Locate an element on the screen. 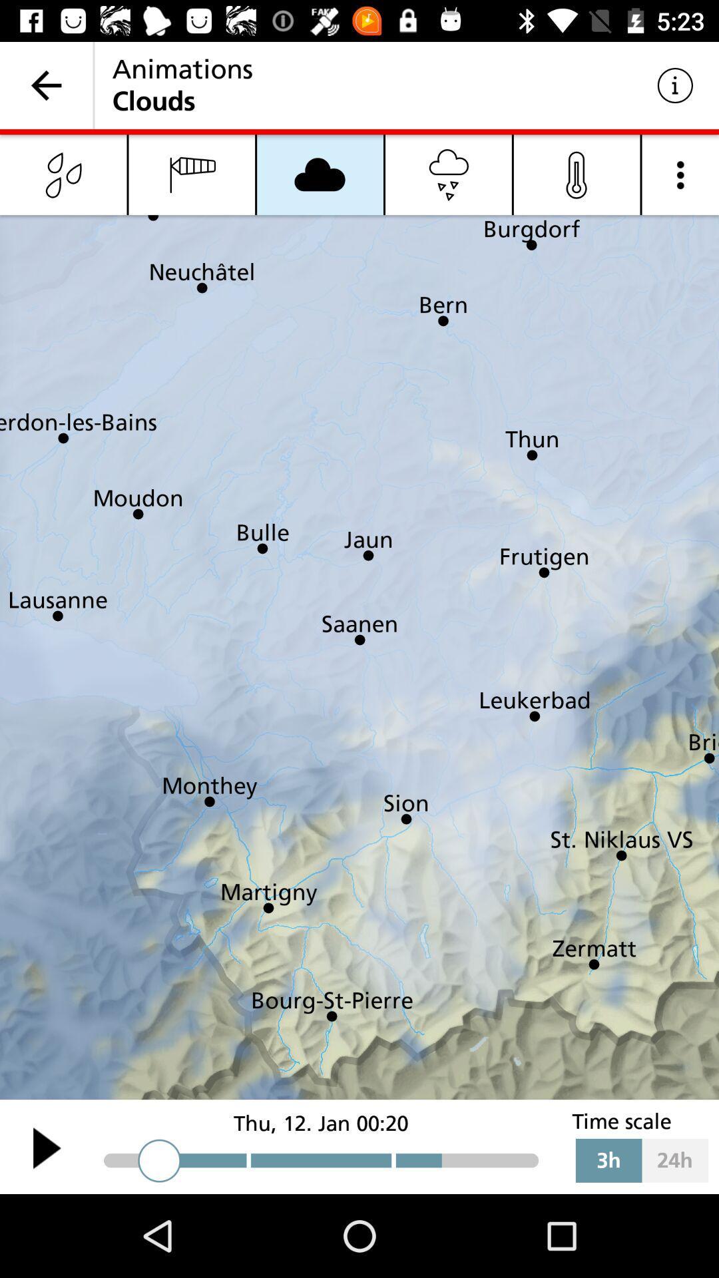 Image resolution: width=719 pixels, height=1278 pixels. play is located at coordinates (46, 1147).